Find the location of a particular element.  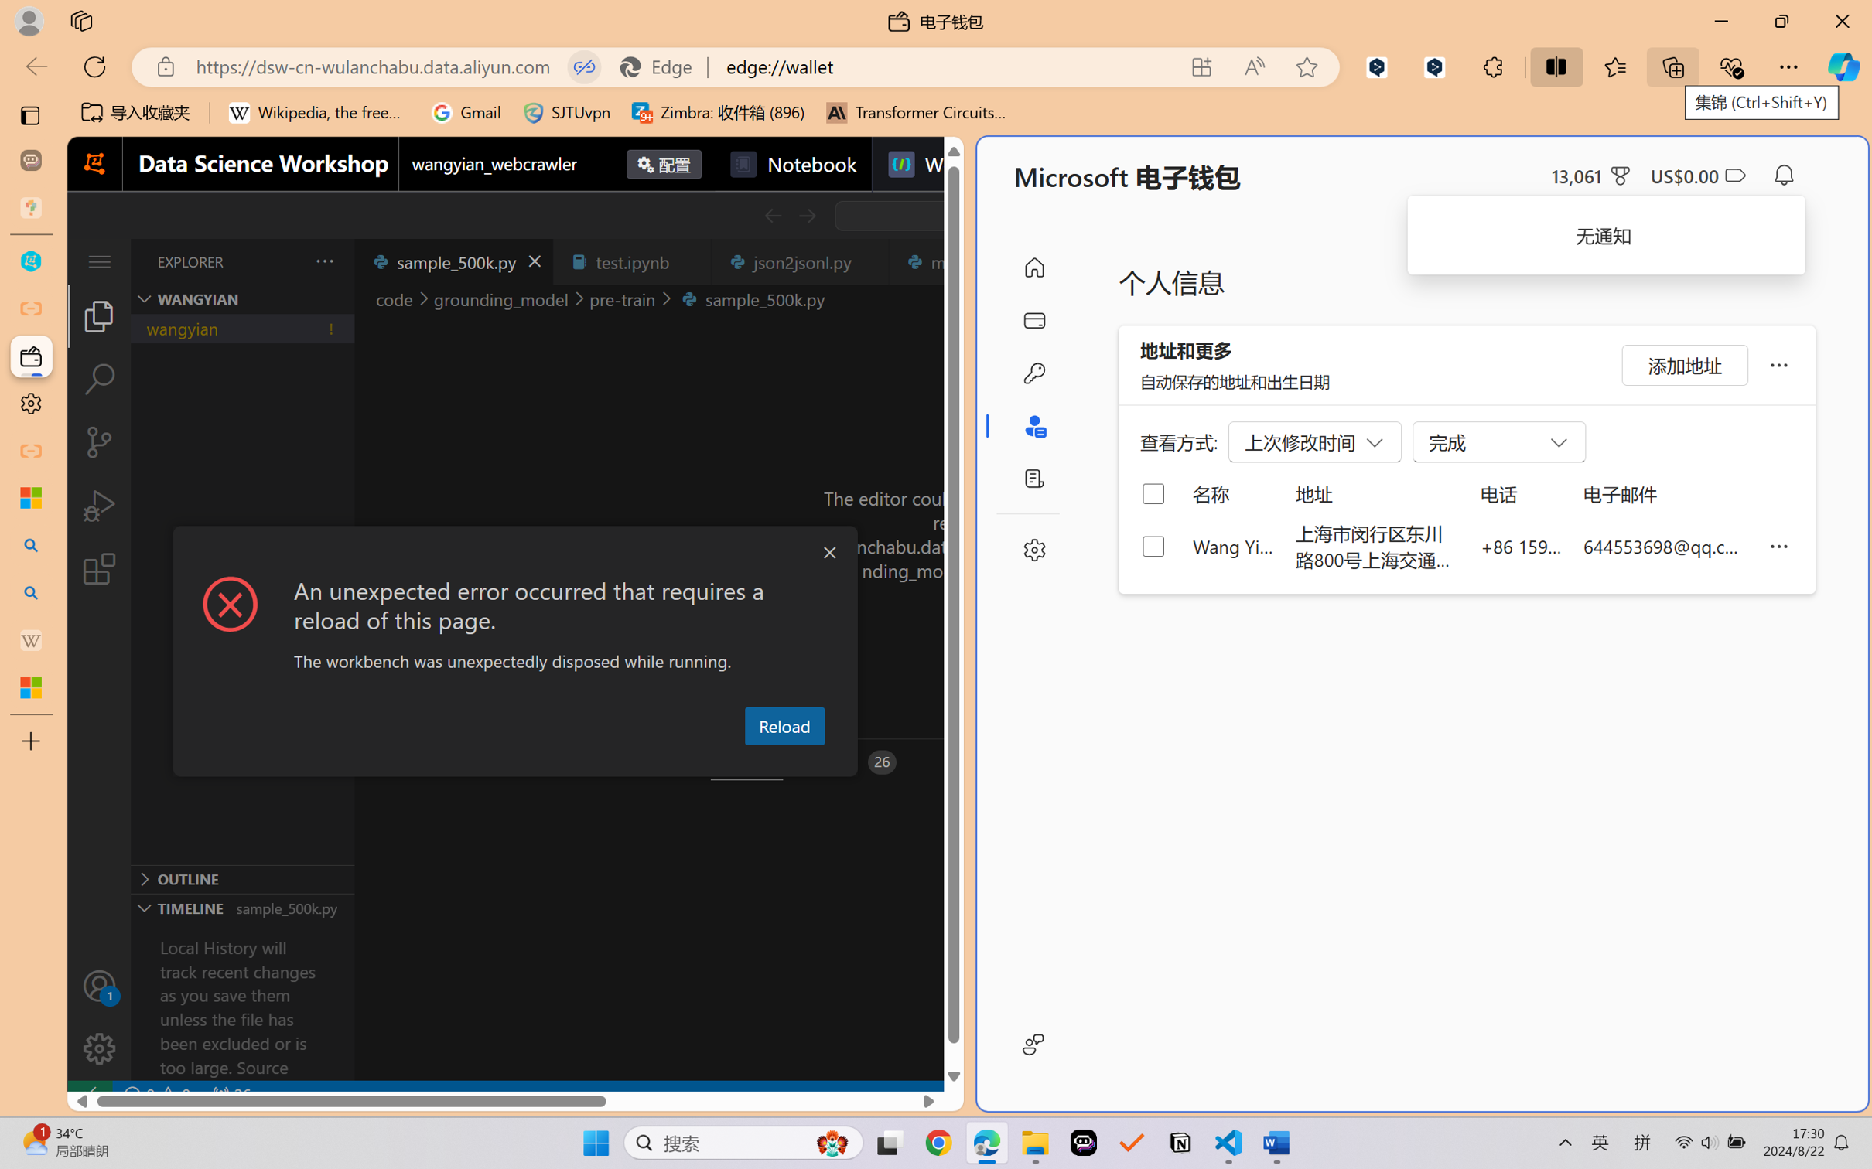

'Reload' is located at coordinates (784, 724).